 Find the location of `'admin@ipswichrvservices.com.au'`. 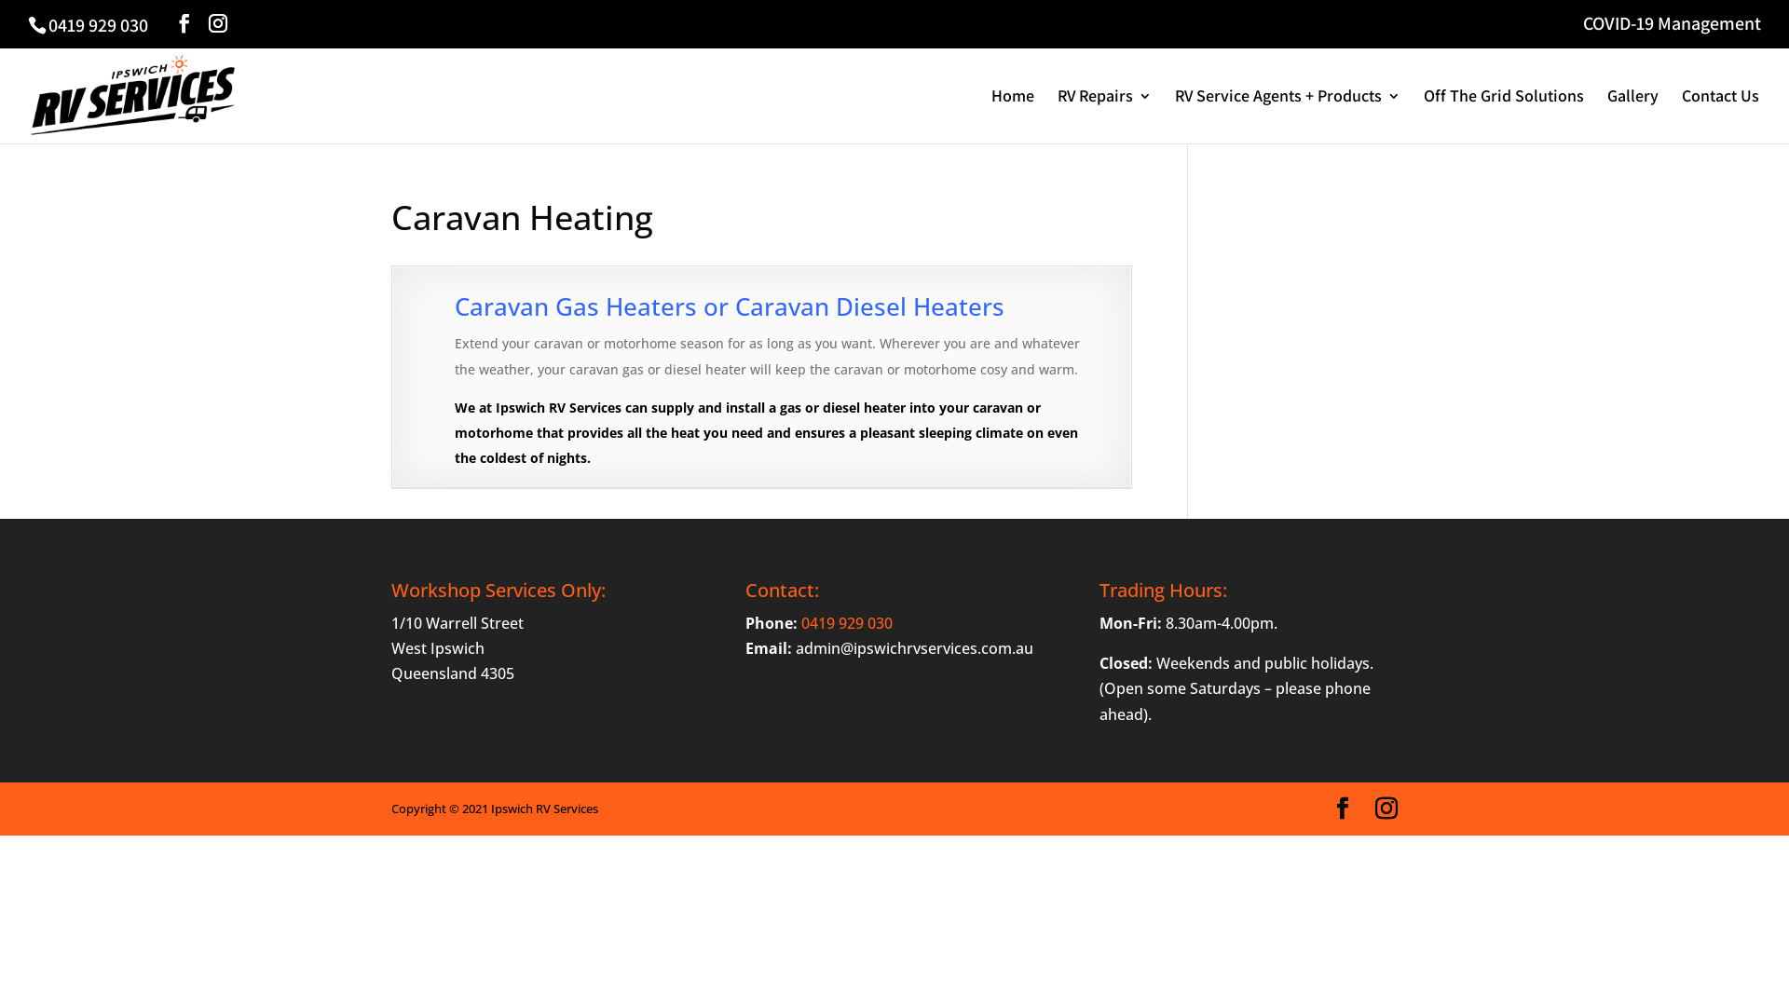

'admin@ipswichrvservices.com.au' is located at coordinates (914, 646).